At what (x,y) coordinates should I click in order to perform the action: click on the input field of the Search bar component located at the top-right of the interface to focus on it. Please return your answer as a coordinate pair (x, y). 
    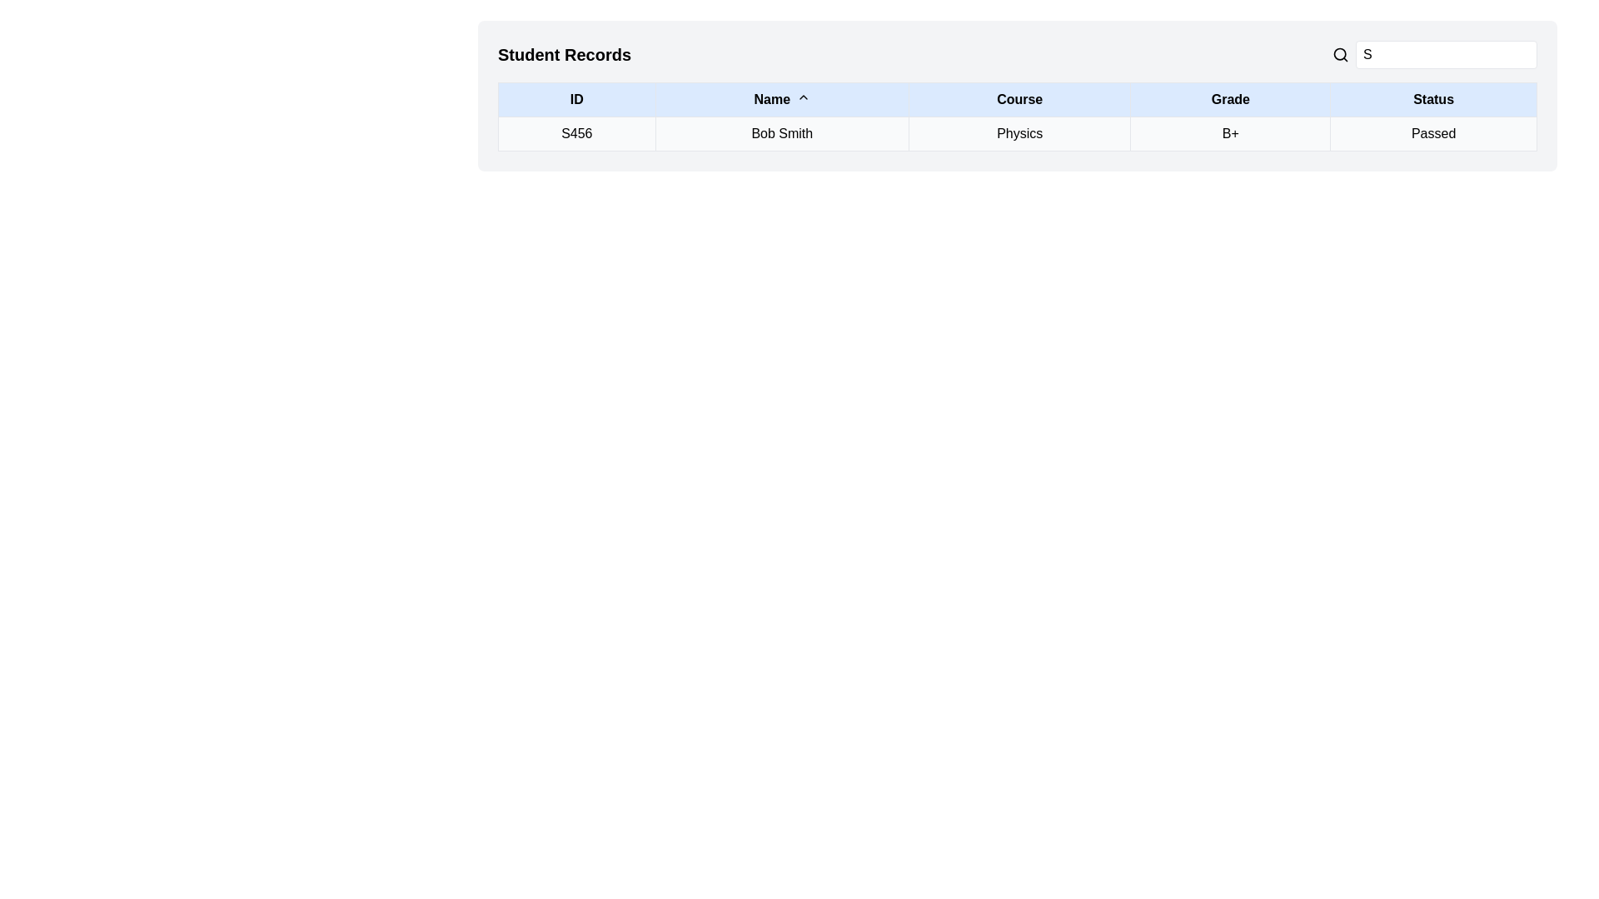
    Looking at the image, I should click on (1434, 53).